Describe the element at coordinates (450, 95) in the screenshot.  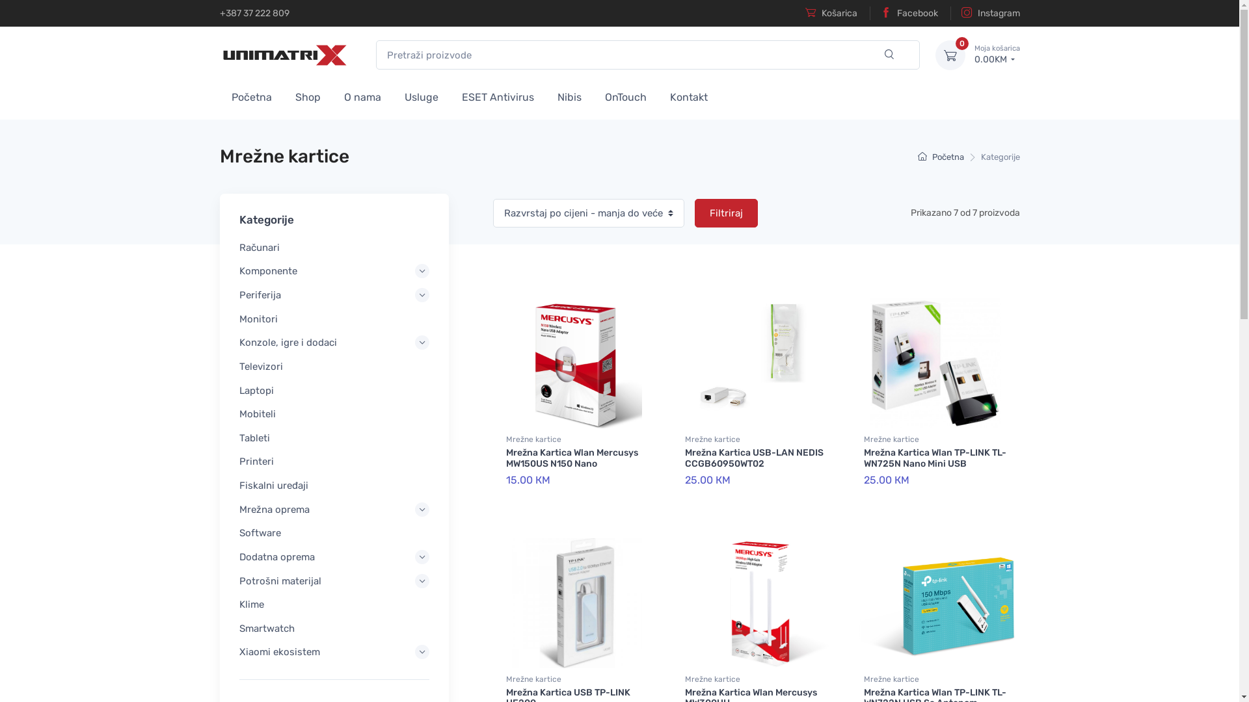
I see `'ESET Antivirus'` at that location.